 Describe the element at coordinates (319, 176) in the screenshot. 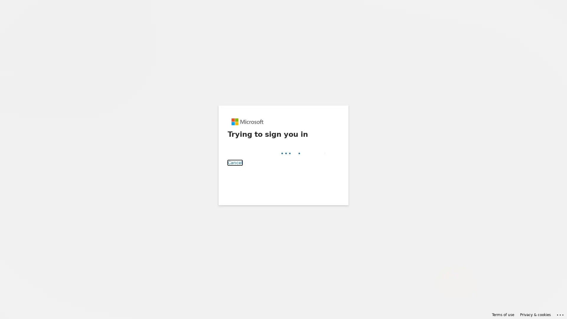

I see `Next` at that location.